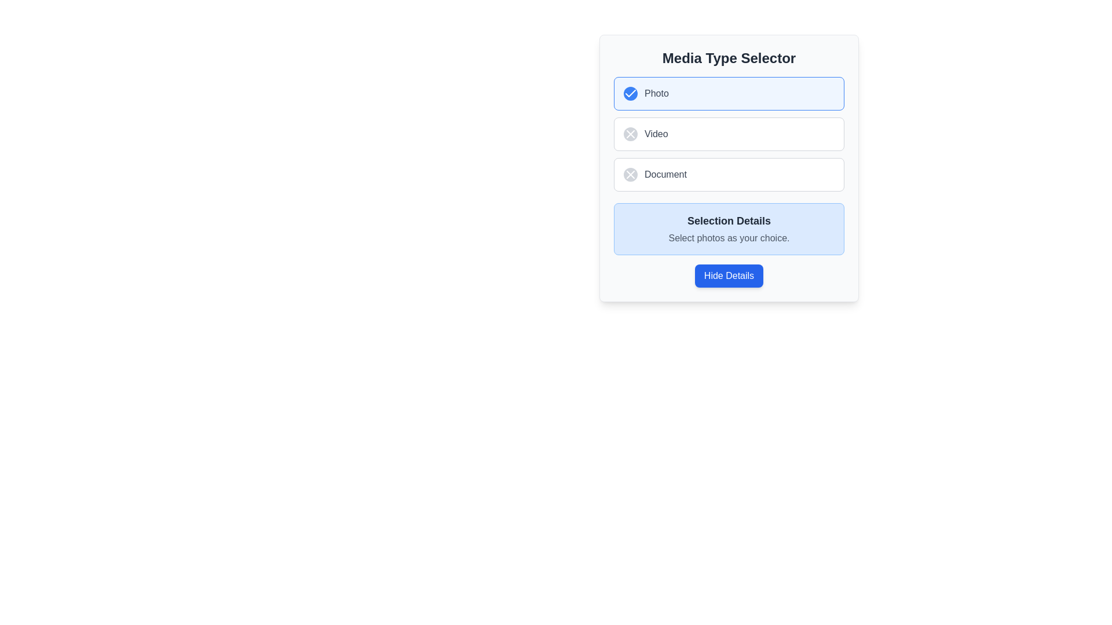 The width and height of the screenshot is (1112, 625). What do you see at coordinates (630, 93) in the screenshot?
I see `the state of the blue circular selection indicator icon with a white checkmark, located to the left of the 'Photo' option in the media types list` at bounding box center [630, 93].